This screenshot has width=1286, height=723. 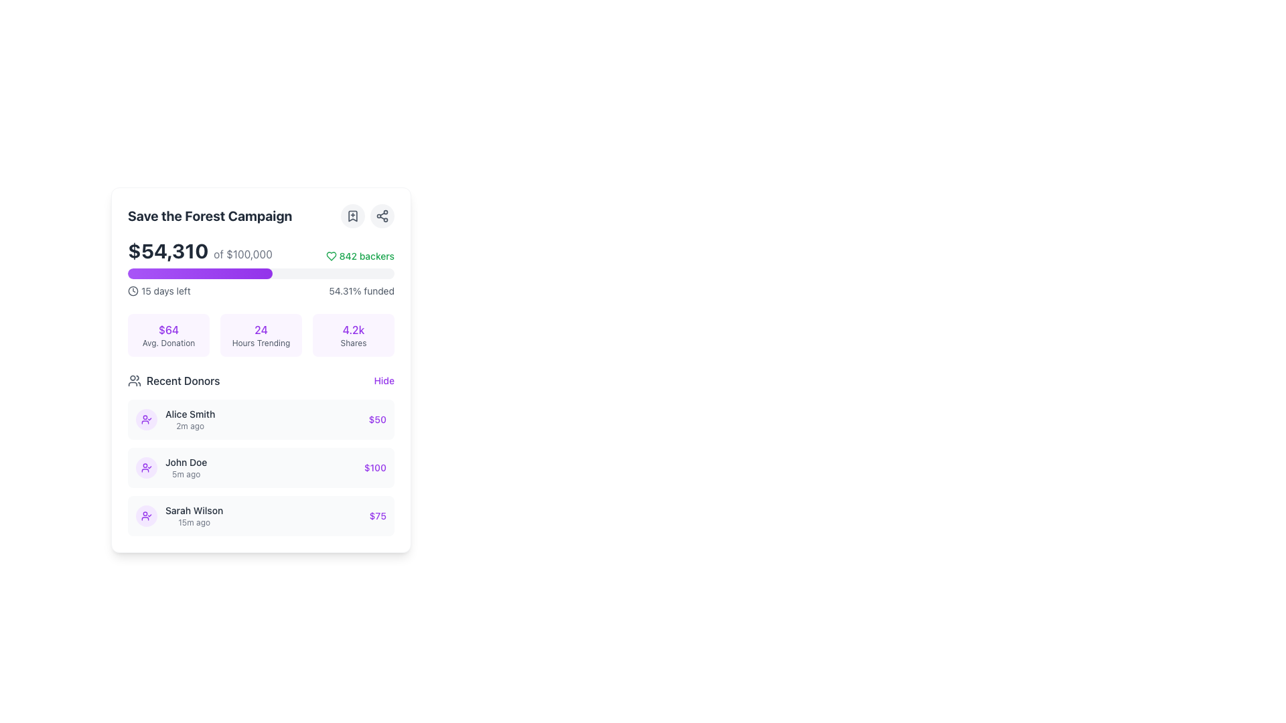 What do you see at coordinates (261, 330) in the screenshot?
I see `the Text label indicating the value '24', which is positioned above the 'Hours Trending' label in the card interface` at bounding box center [261, 330].